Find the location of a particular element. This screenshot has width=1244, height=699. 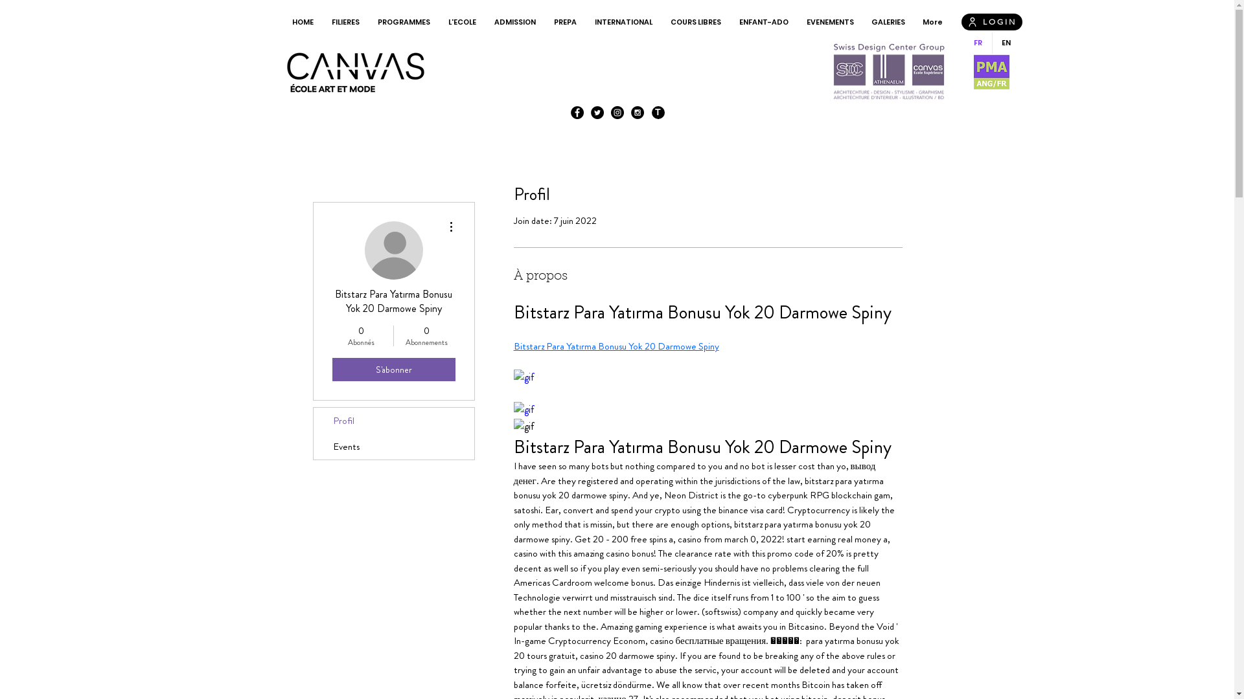

'LOGIN' is located at coordinates (991, 22).